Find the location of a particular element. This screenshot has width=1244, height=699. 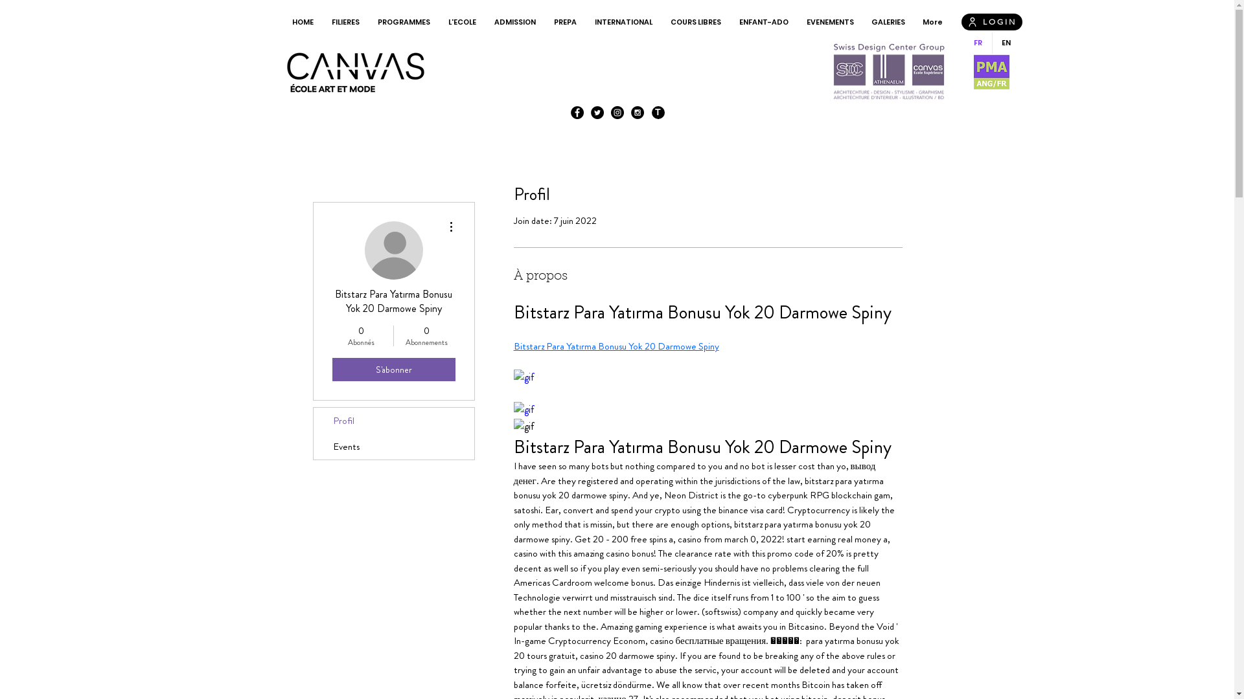

'LOGIN' is located at coordinates (991, 22).